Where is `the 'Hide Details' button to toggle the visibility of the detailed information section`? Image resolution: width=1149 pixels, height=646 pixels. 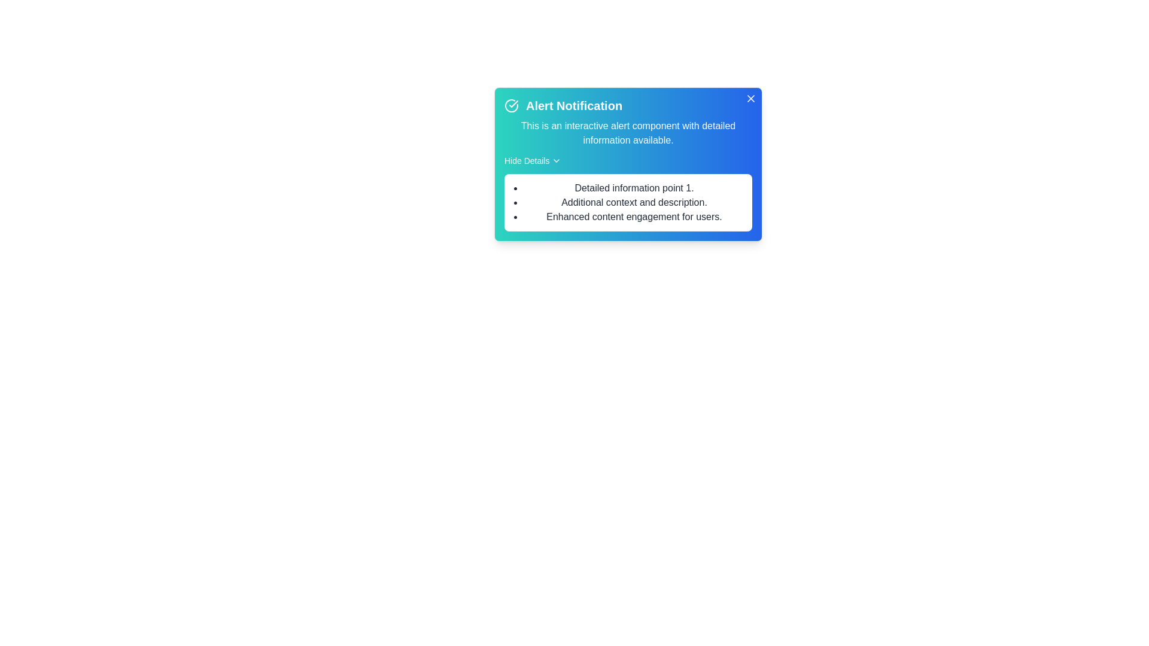
the 'Hide Details' button to toggle the visibility of the detailed information section is located at coordinates (532, 160).